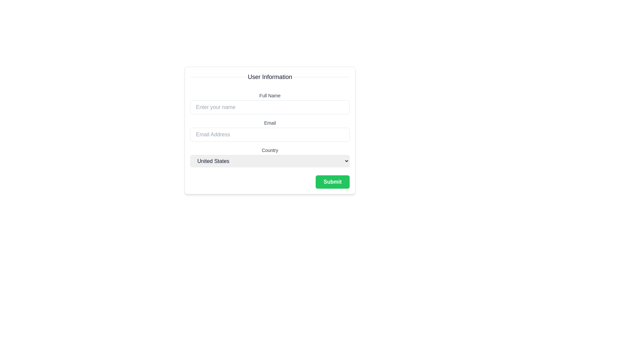 This screenshot has width=640, height=360. What do you see at coordinates (270, 161) in the screenshot?
I see `the dropdown menu labeled 'Country'` at bounding box center [270, 161].